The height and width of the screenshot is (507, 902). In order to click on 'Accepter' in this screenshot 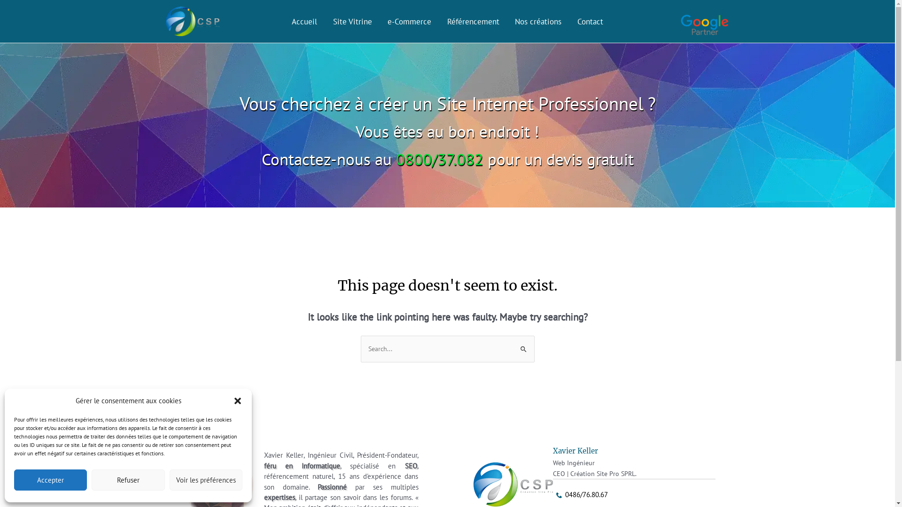, I will do `click(50, 480)`.